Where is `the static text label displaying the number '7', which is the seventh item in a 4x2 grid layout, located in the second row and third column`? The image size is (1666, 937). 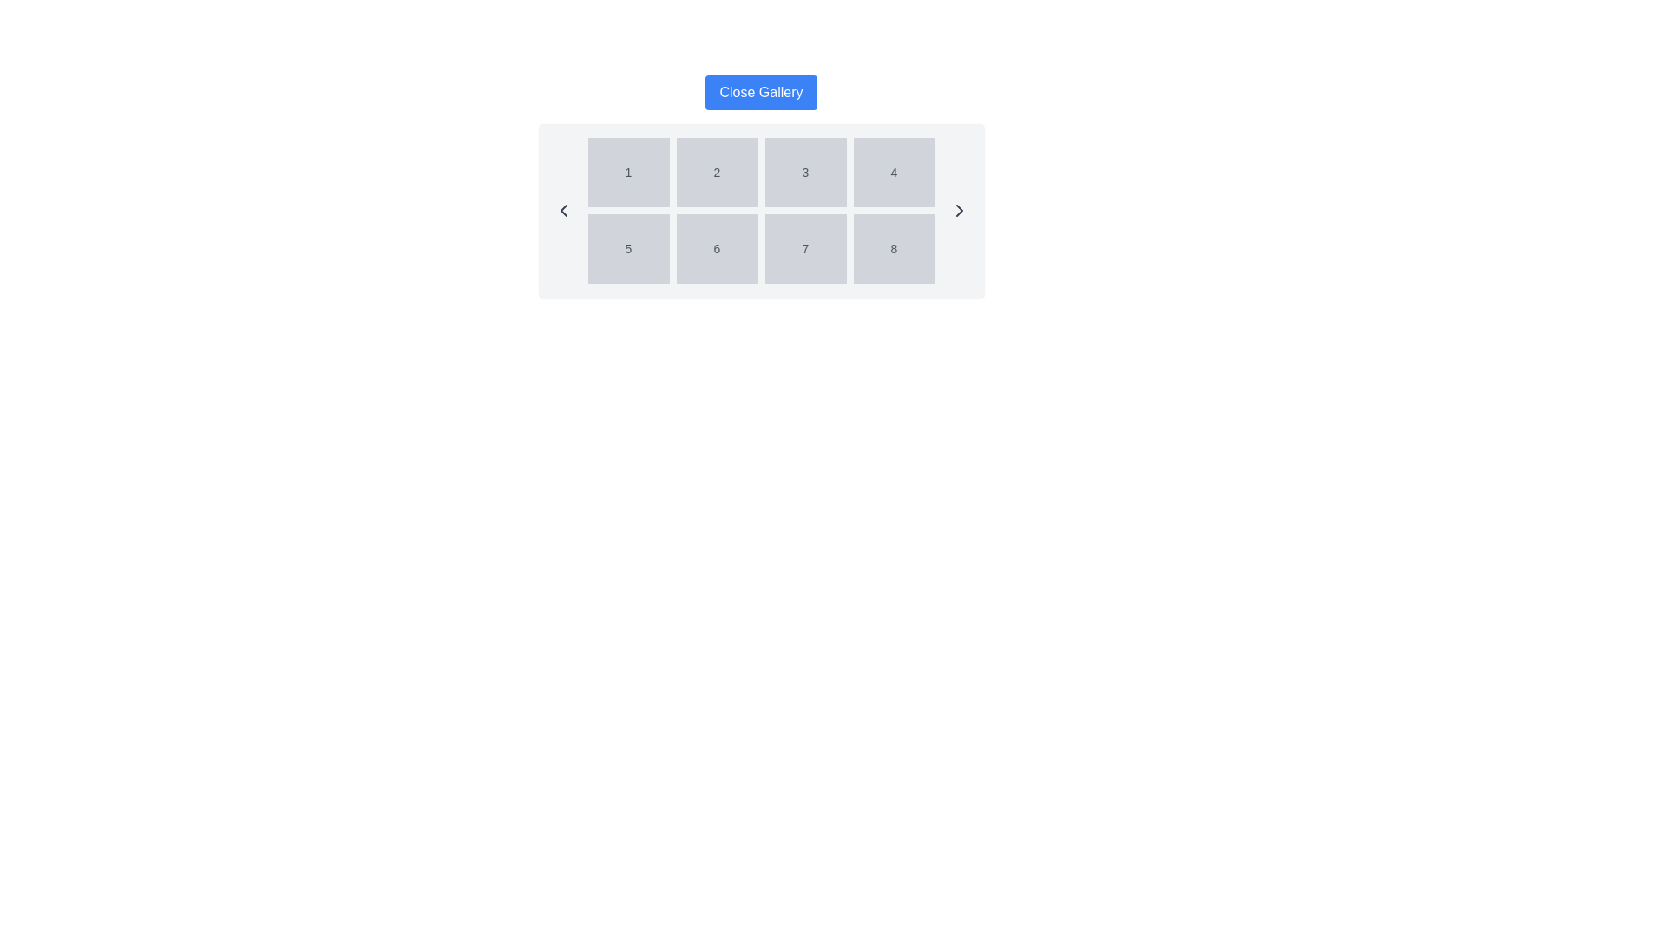
the static text label displaying the number '7', which is the seventh item in a 4x2 grid layout, located in the second row and third column is located at coordinates (804, 248).